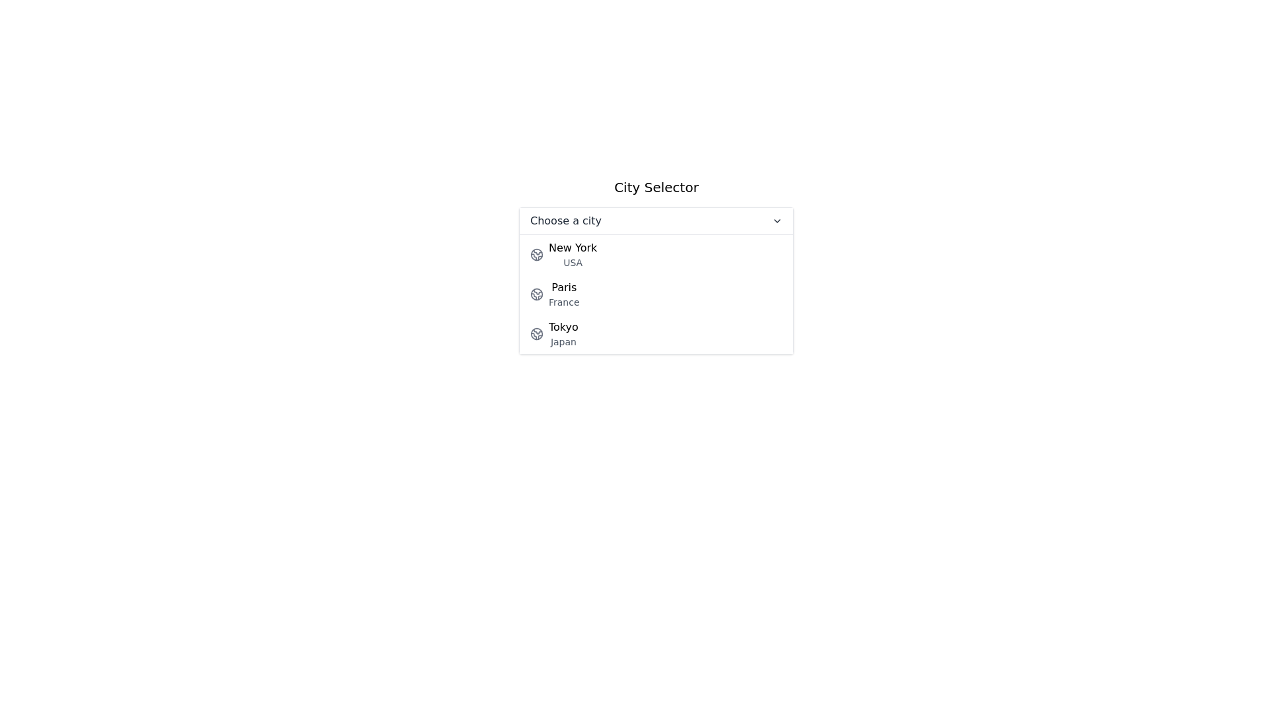 The height and width of the screenshot is (713, 1268). Describe the element at coordinates (656, 187) in the screenshot. I see `the 'City Selector' text label, which is displayed in a bold and large font above the dropdown menu labeled 'Choose a city'` at that location.